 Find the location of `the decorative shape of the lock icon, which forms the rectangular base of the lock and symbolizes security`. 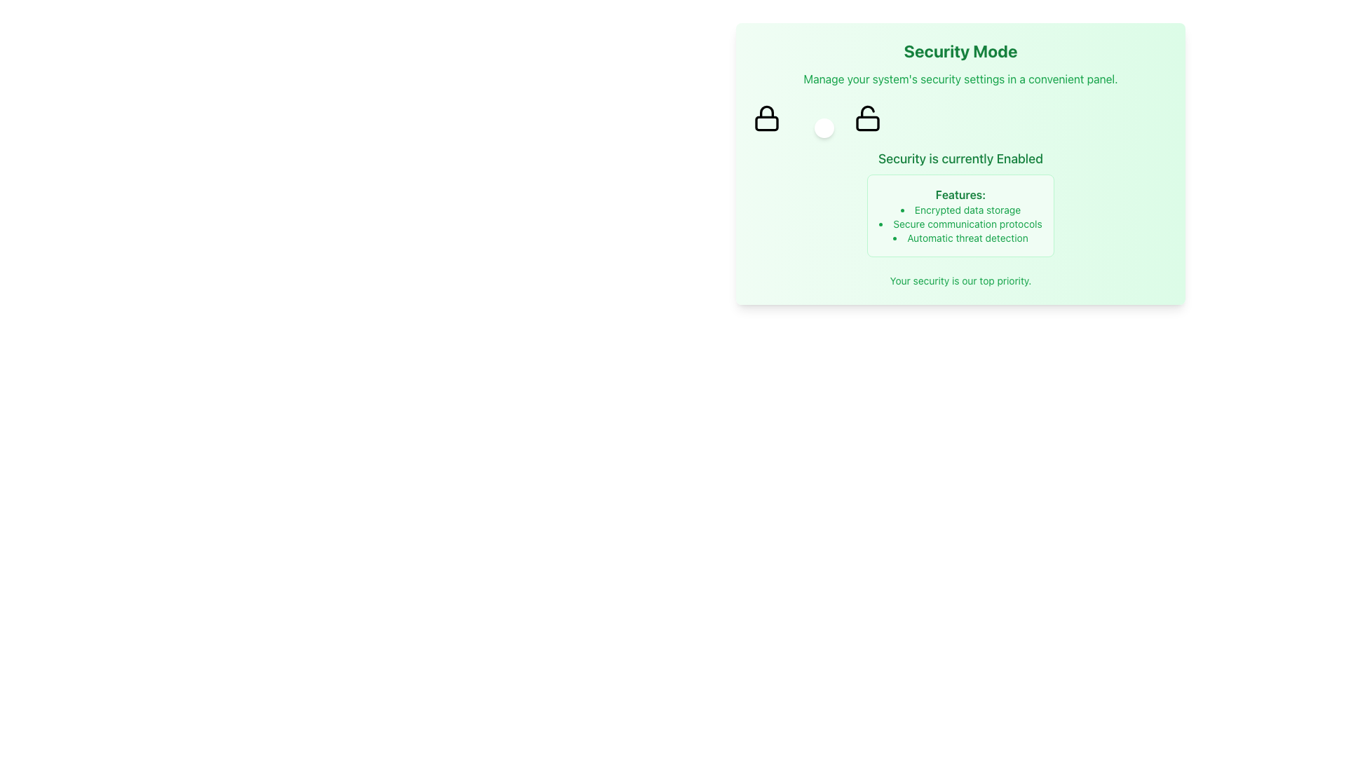

the decorative shape of the lock icon, which forms the rectangular base of the lock and symbolizes security is located at coordinates (766, 123).